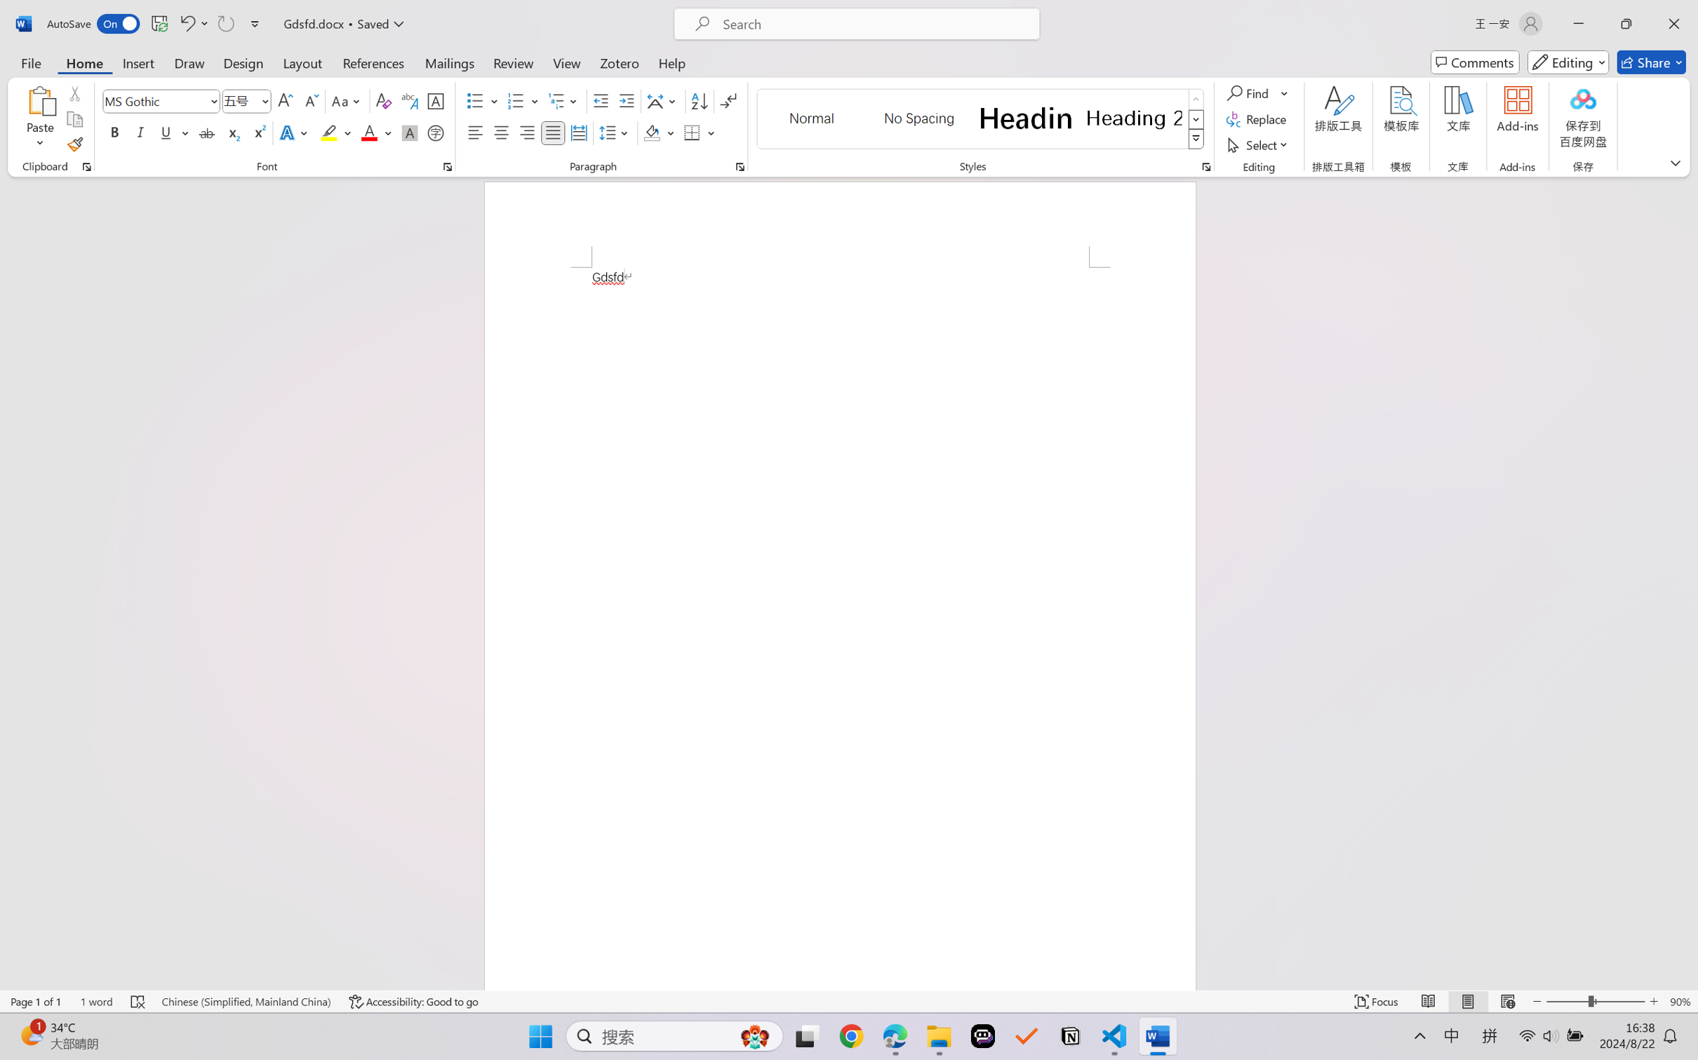  I want to click on 'Font Color Red', so click(370, 132).